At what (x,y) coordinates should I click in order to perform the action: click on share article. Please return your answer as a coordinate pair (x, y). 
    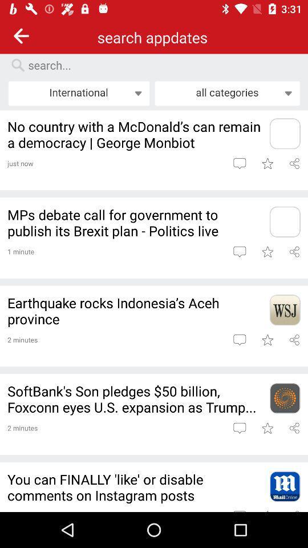
    Looking at the image, I should click on (294, 427).